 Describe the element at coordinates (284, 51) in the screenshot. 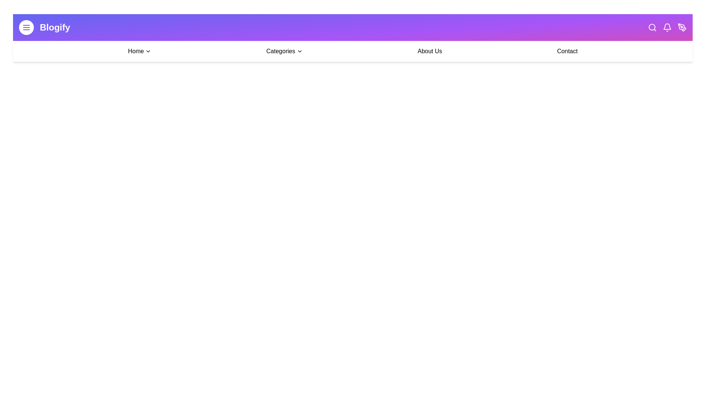

I see `the 'Categories' menu to open the dropdown` at that location.